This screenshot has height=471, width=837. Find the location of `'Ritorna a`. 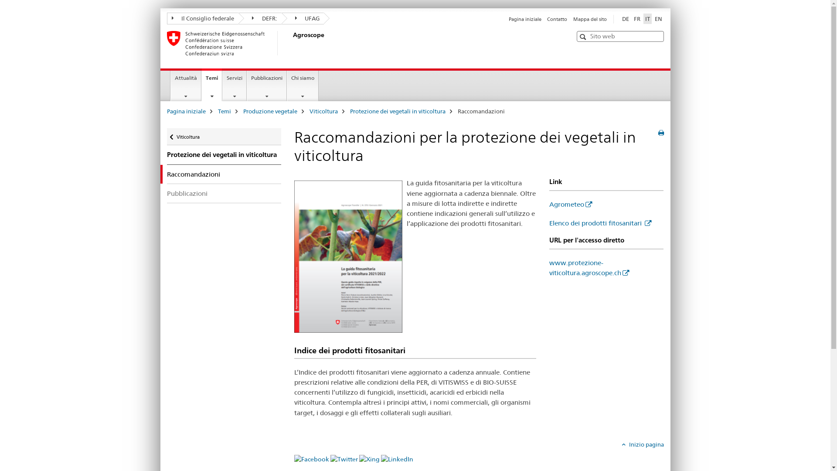

'Ritorna a is located at coordinates (224, 137).